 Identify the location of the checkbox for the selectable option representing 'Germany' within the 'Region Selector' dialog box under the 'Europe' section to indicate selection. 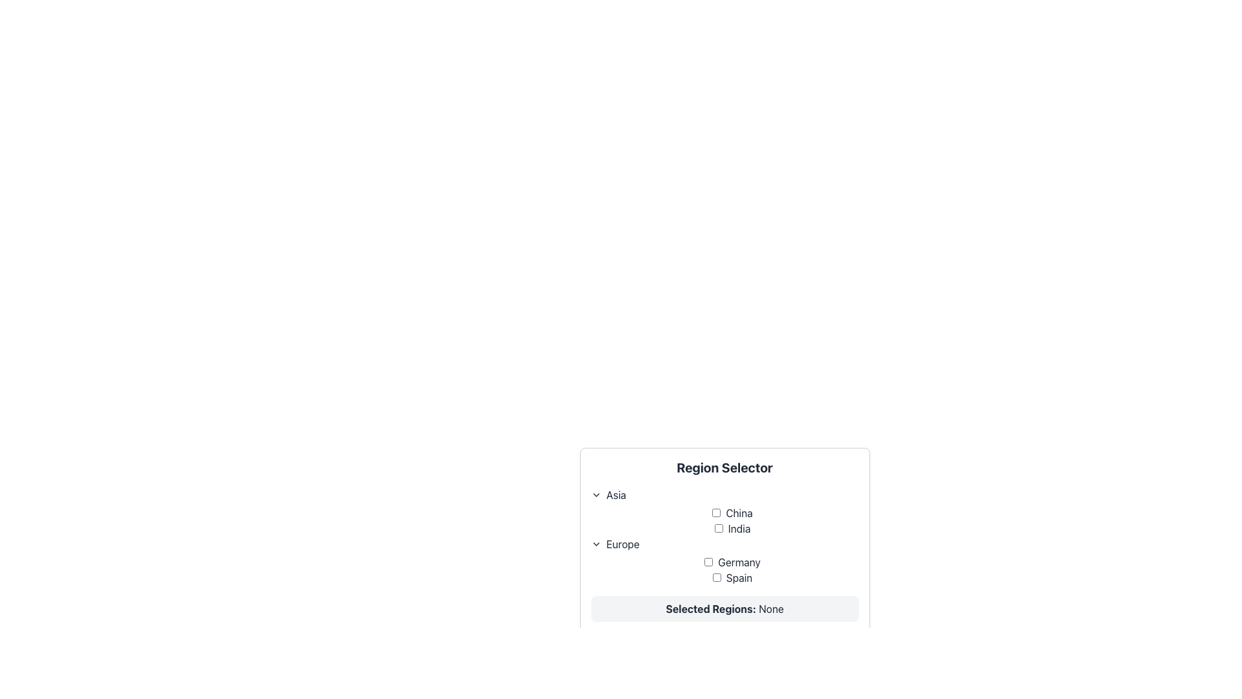
(732, 561).